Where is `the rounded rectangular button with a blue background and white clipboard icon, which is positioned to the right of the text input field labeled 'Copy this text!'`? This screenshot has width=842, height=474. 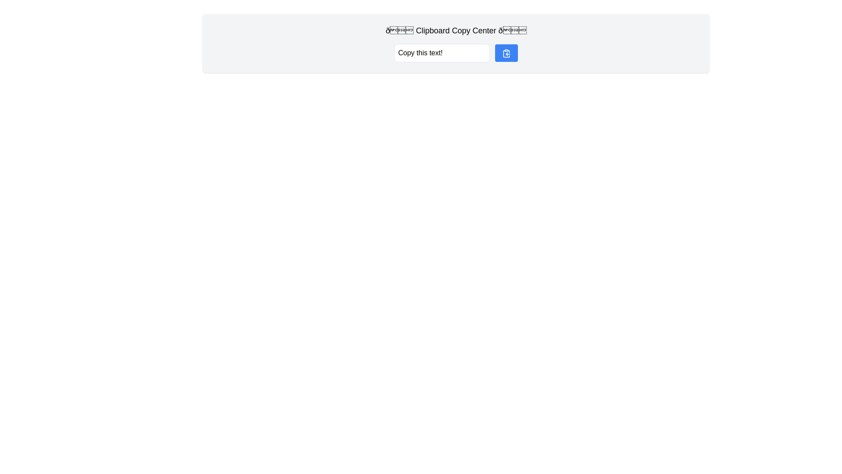
the rounded rectangular button with a blue background and white clipboard icon, which is positioned to the right of the text input field labeled 'Copy this text!' is located at coordinates (507, 53).